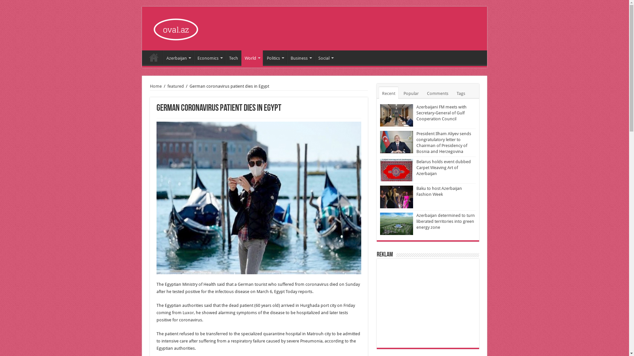 This screenshot has height=356, width=634. What do you see at coordinates (252, 57) in the screenshot?
I see `'World'` at bounding box center [252, 57].